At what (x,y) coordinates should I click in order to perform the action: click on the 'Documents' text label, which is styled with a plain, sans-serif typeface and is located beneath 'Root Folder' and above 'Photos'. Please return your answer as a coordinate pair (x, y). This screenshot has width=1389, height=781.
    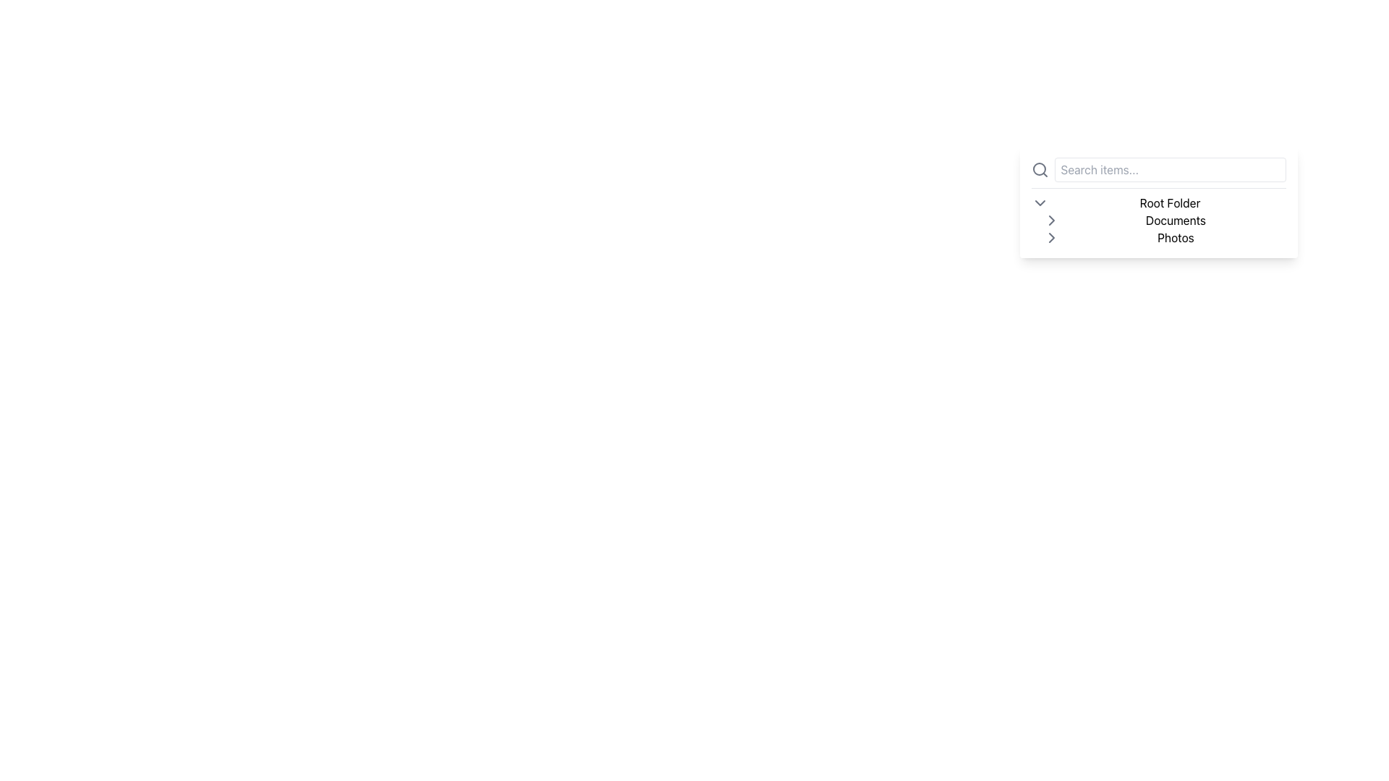
    Looking at the image, I should click on (1176, 220).